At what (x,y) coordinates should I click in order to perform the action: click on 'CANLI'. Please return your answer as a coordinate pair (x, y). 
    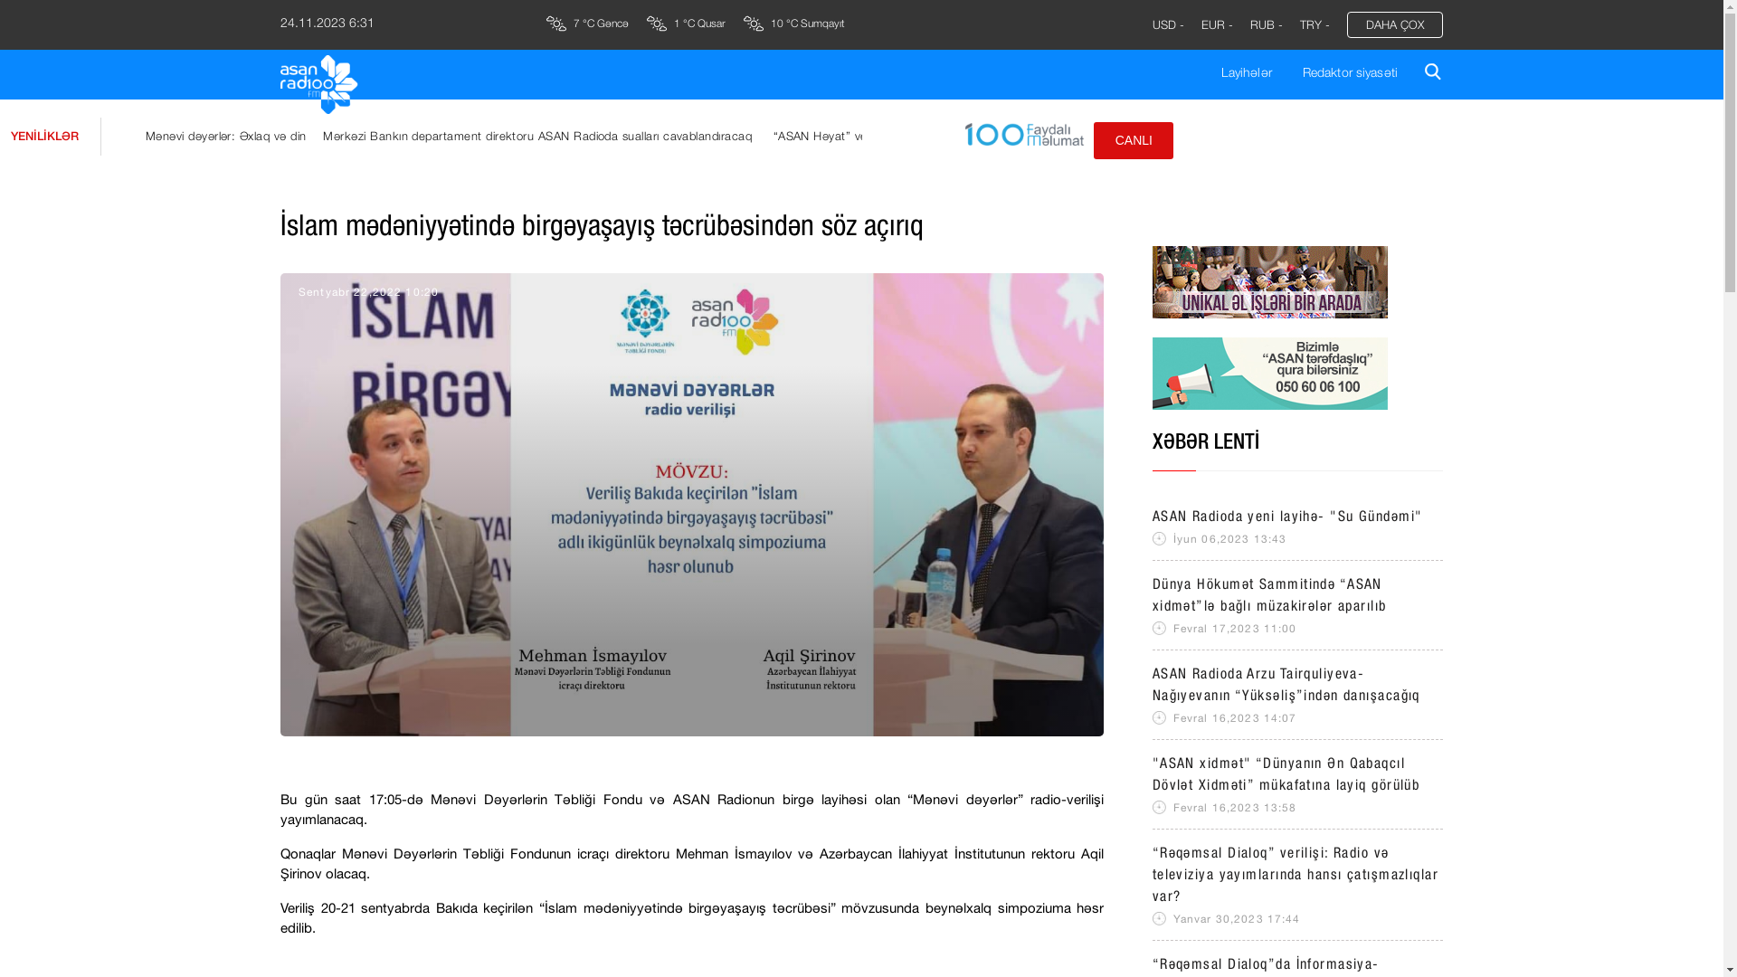
    Looking at the image, I should click on (1132, 139).